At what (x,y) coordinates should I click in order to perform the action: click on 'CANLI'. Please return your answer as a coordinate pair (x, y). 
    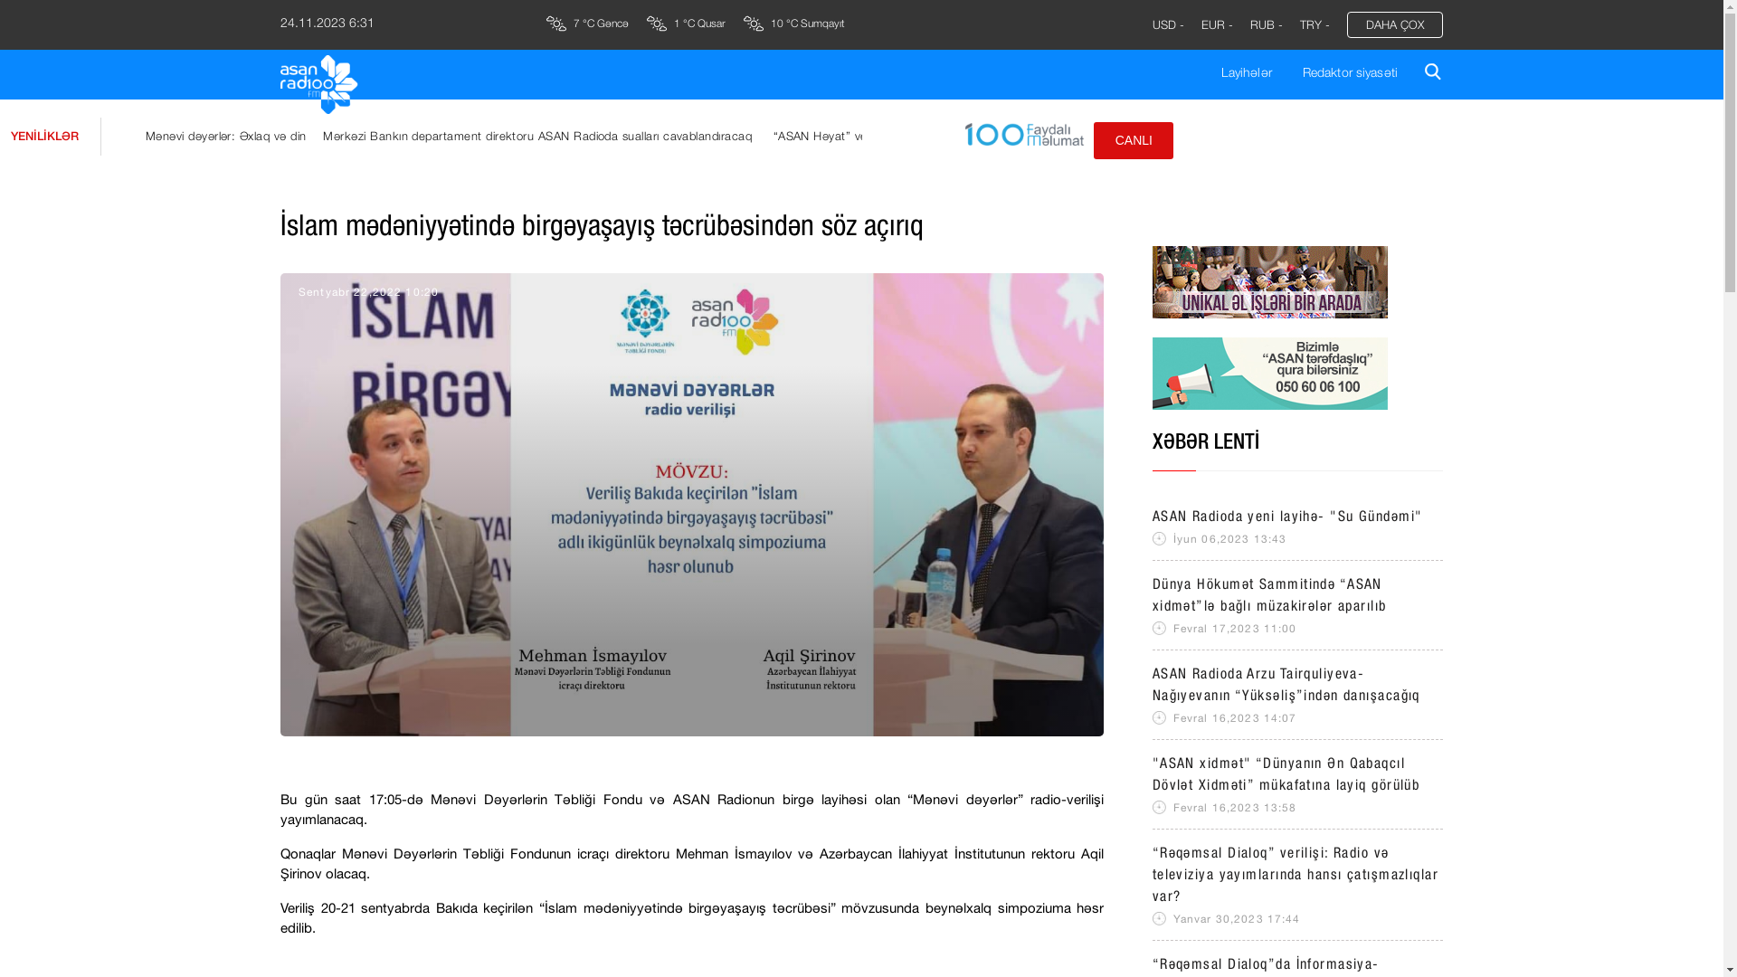
    Looking at the image, I should click on (1132, 139).